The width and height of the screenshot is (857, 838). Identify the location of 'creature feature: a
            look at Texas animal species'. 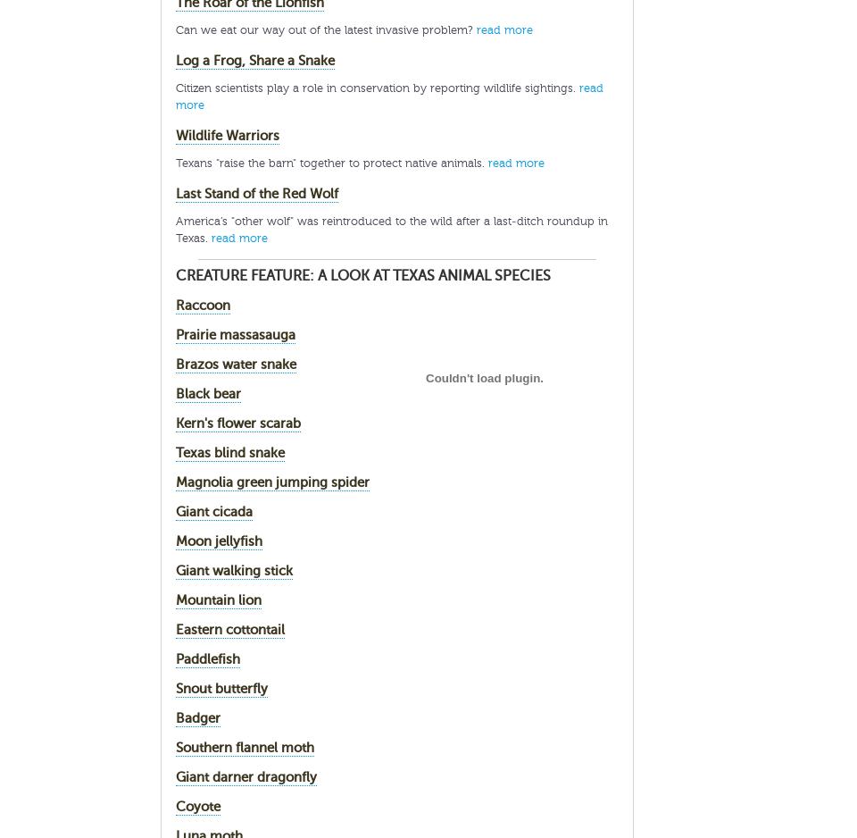
(362, 274).